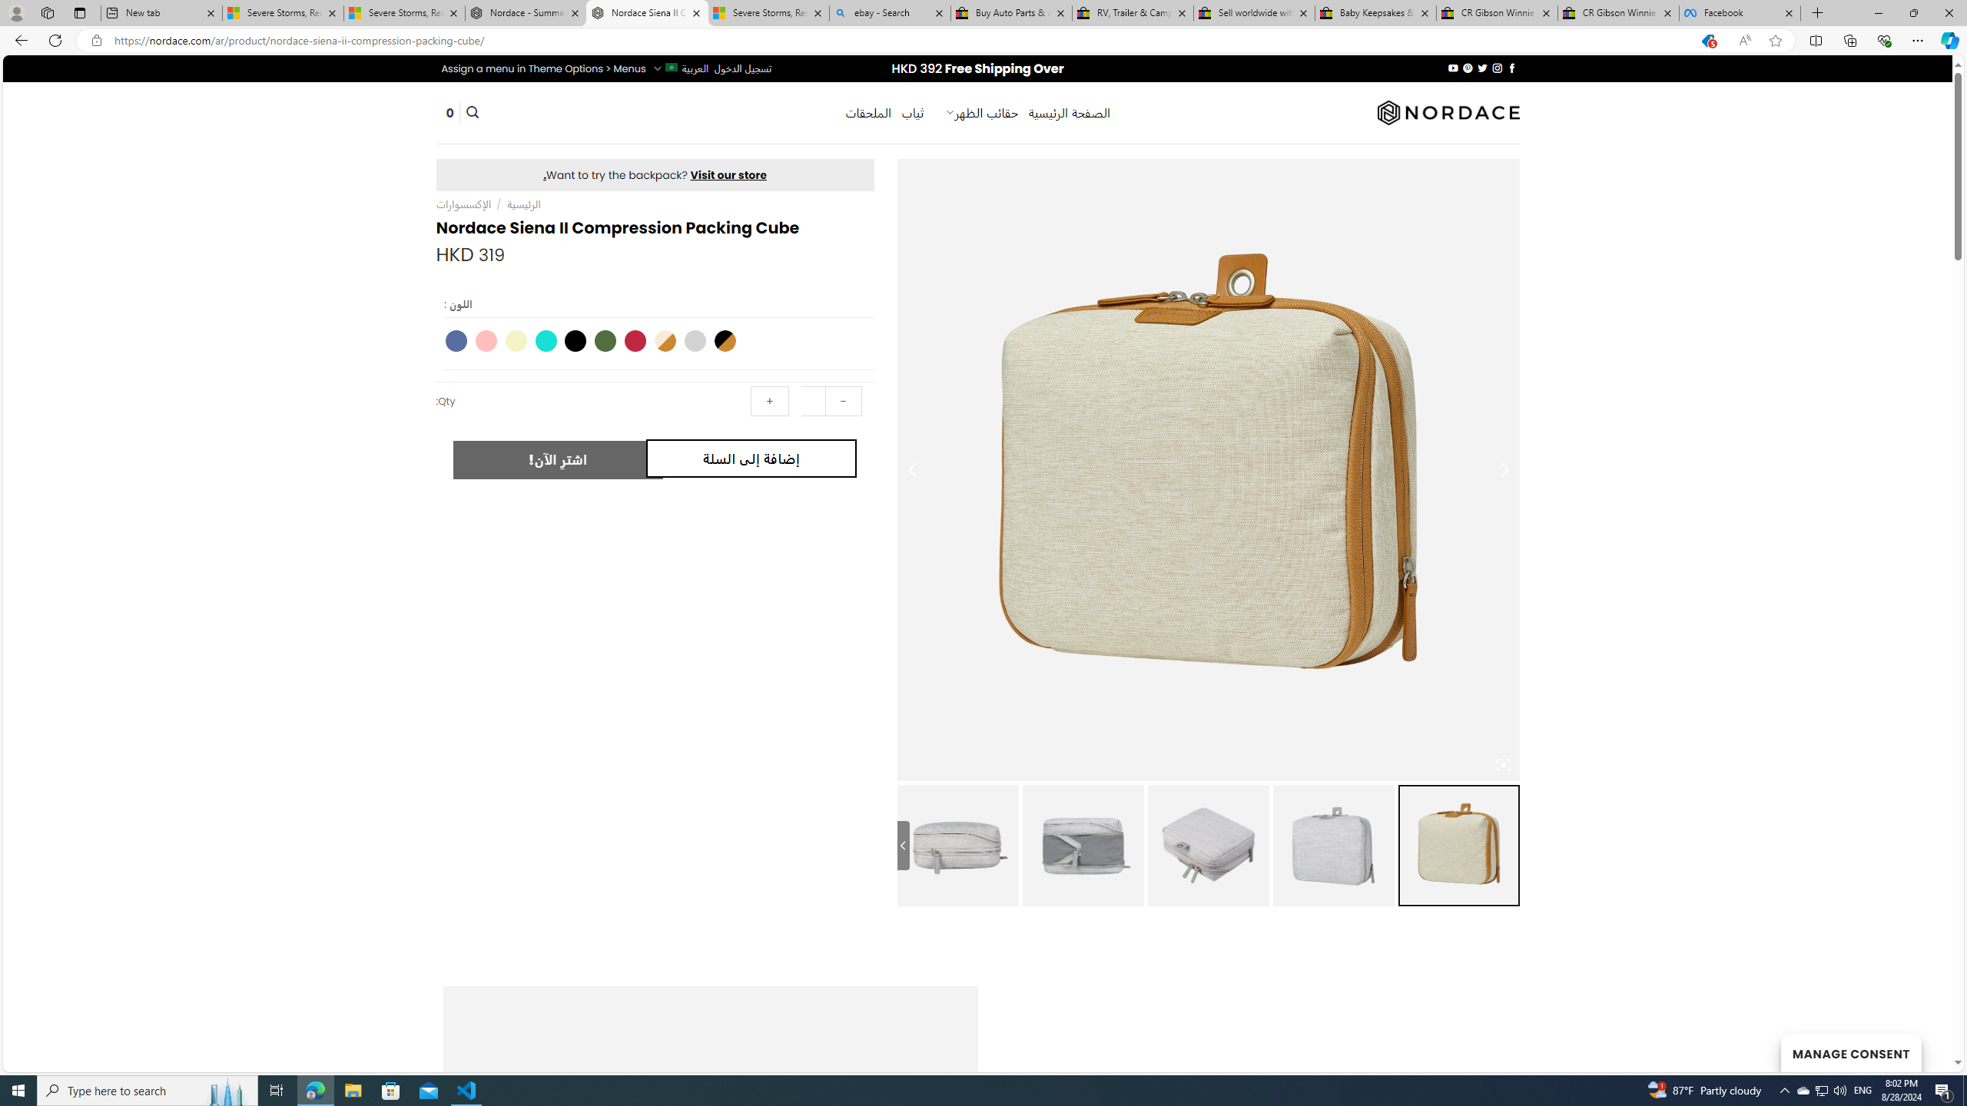 This screenshot has width=1967, height=1106. What do you see at coordinates (1817, 12) in the screenshot?
I see `'New Tab'` at bounding box center [1817, 12].